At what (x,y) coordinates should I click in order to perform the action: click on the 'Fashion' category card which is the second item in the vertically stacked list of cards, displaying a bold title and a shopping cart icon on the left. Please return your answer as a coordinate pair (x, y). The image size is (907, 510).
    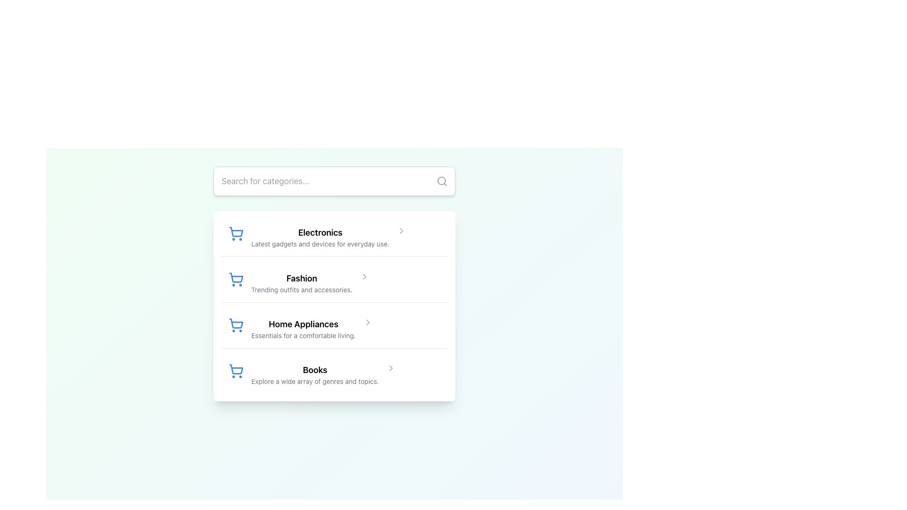
    Looking at the image, I should click on (334, 283).